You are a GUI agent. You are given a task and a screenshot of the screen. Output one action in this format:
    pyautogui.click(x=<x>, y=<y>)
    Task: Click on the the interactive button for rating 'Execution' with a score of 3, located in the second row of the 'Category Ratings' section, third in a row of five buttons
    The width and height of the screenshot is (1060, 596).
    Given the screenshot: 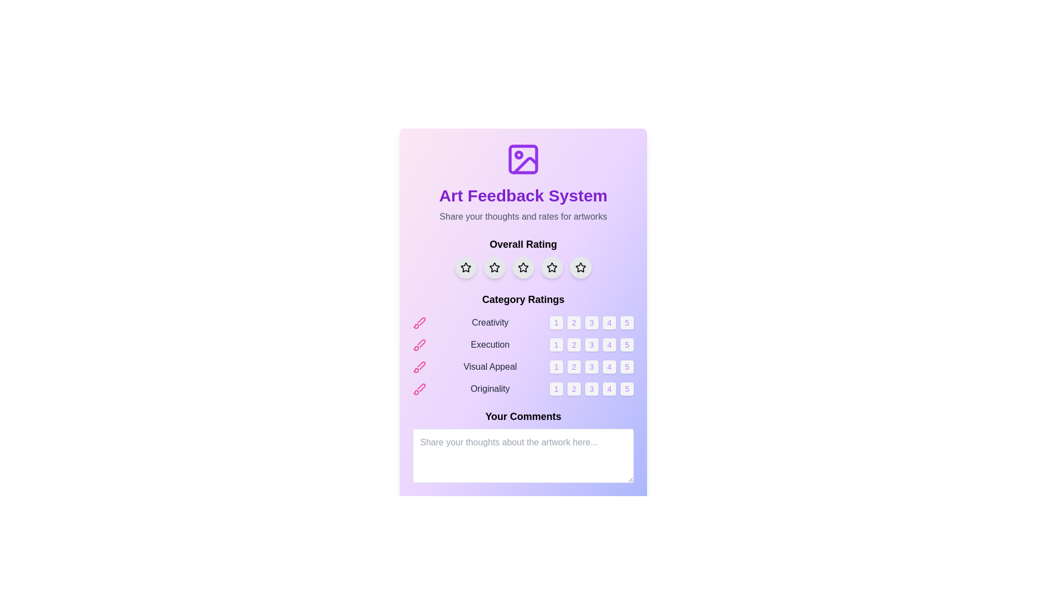 What is the action you would take?
    pyautogui.click(x=591, y=344)
    